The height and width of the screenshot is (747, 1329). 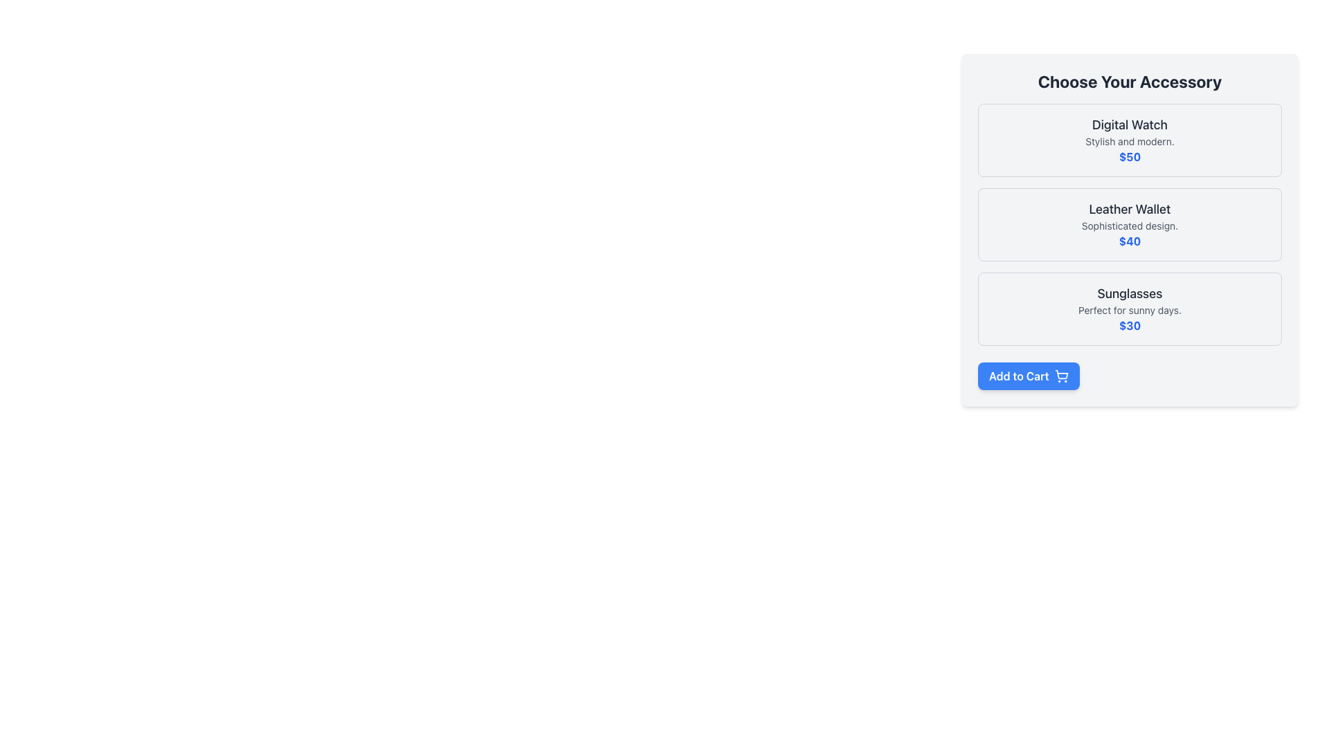 I want to click on price displayed in the text label showing '$30', which is styled in bold blue font and located below the descriptive text about sunglasses, so click(x=1130, y=325).